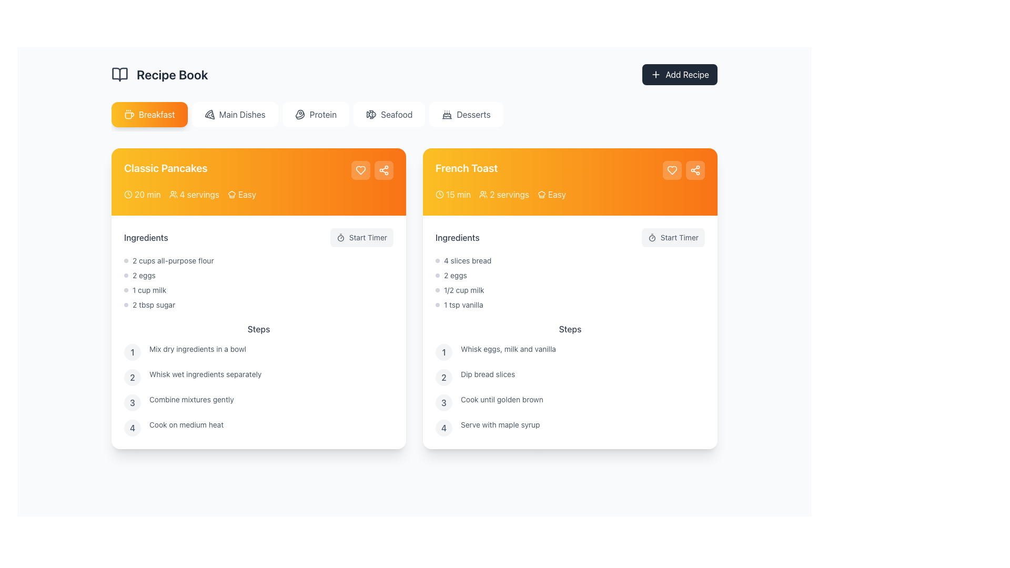 The width and height of the screenshot is (1010, 568). What do you see at coordinates (389, 115) in the screenshot?
I see `the 'Seafood' category selector button, which is the fourth button in a horizontal list` at bounding box center [389, 115].